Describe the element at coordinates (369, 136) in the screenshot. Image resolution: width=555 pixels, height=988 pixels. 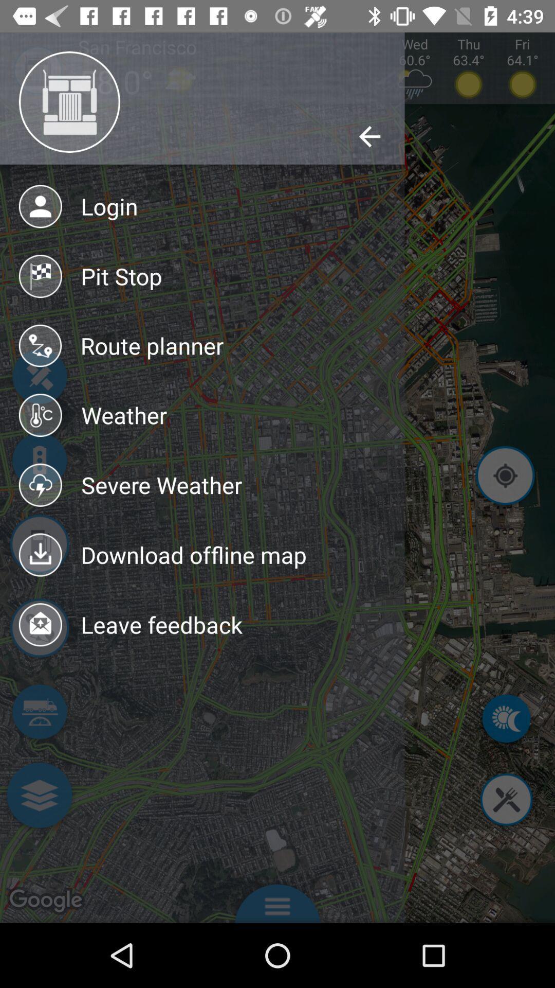
I see `the back arrow` at that location.